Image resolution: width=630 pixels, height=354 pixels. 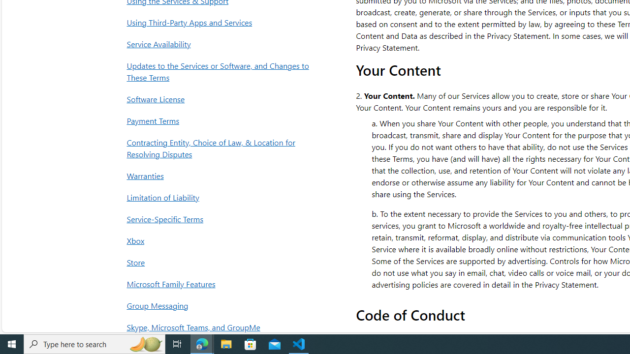 What do you see at coordinates (220, 43) in the screenshot?
I see `'Service Availability'` at bounding box center [220, 43].